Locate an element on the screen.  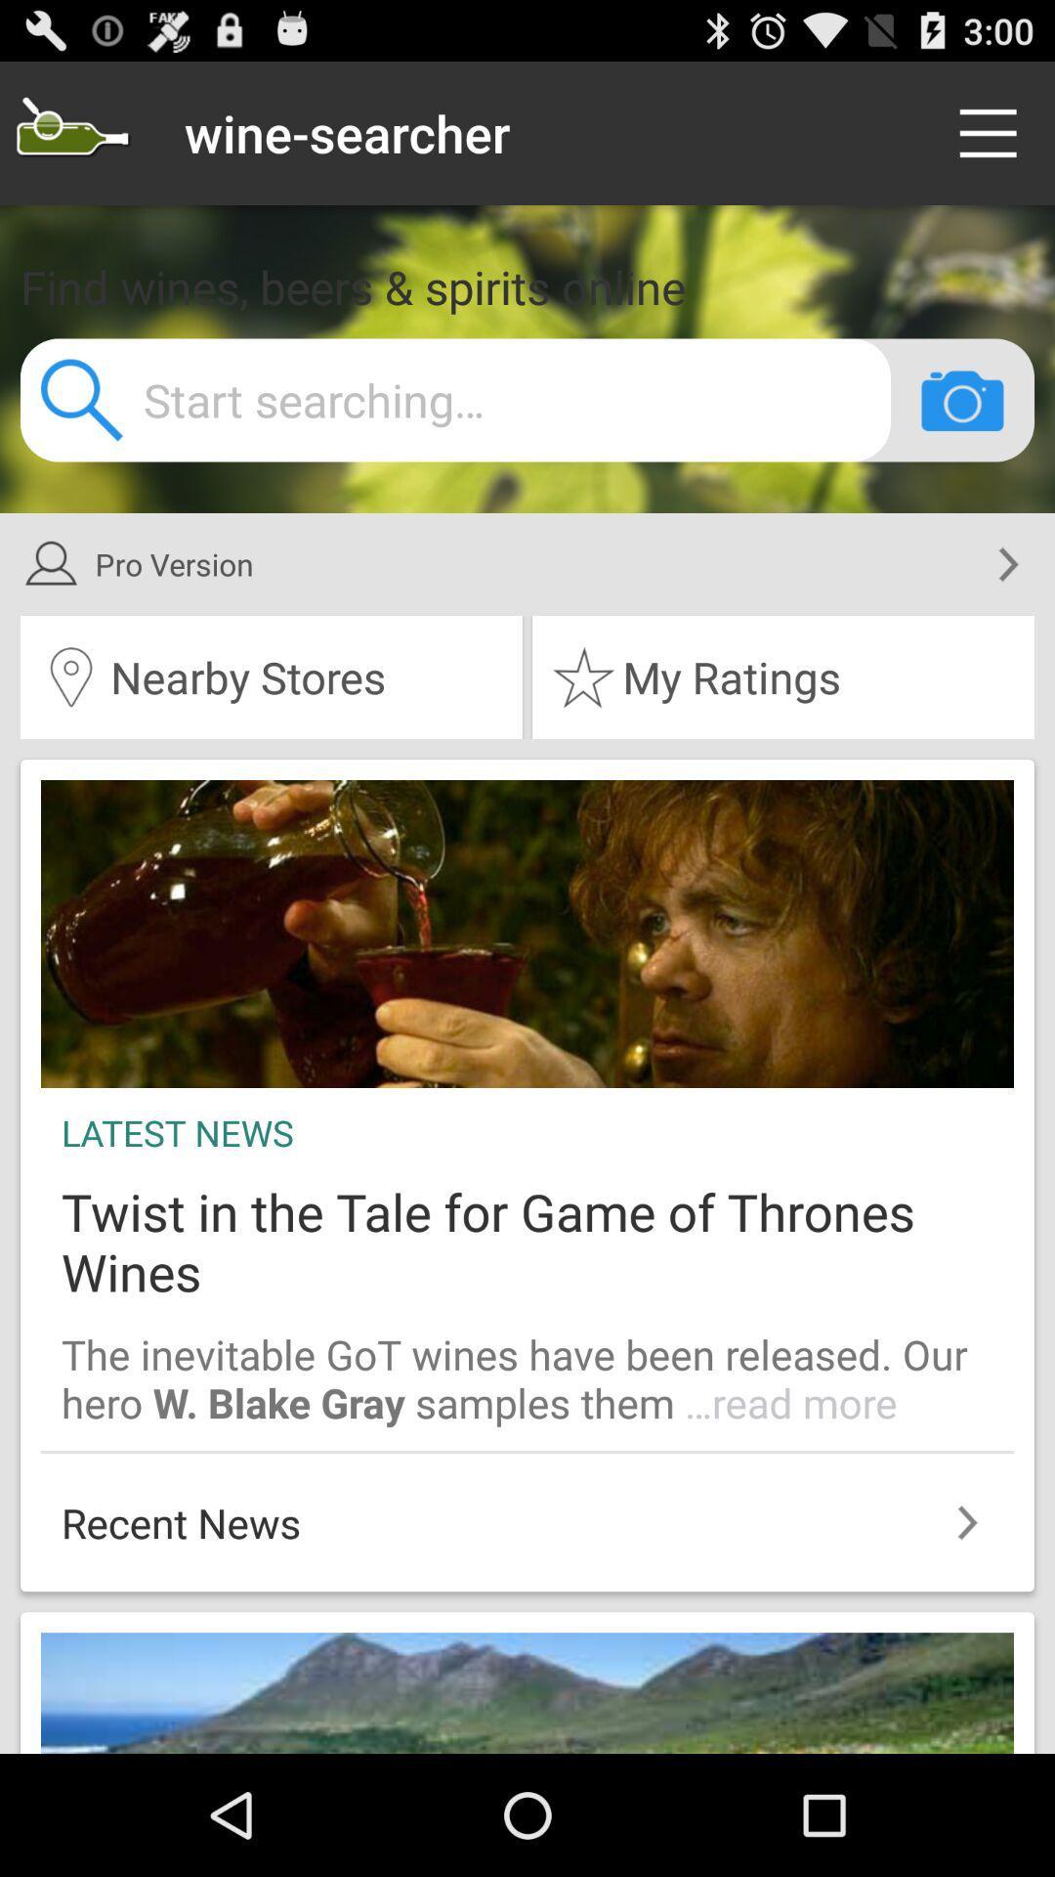
search by photo is located at coordinates (961, 399).